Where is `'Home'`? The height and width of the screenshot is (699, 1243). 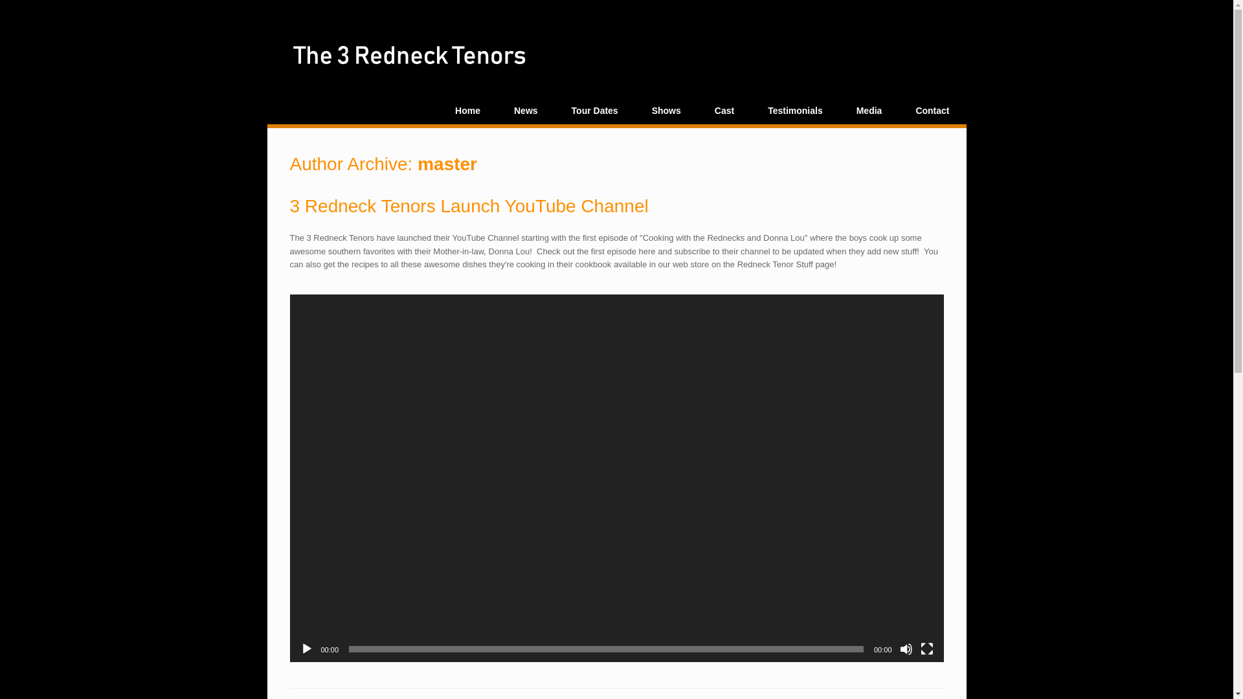 'Home' is located at coordinates (438, 109).